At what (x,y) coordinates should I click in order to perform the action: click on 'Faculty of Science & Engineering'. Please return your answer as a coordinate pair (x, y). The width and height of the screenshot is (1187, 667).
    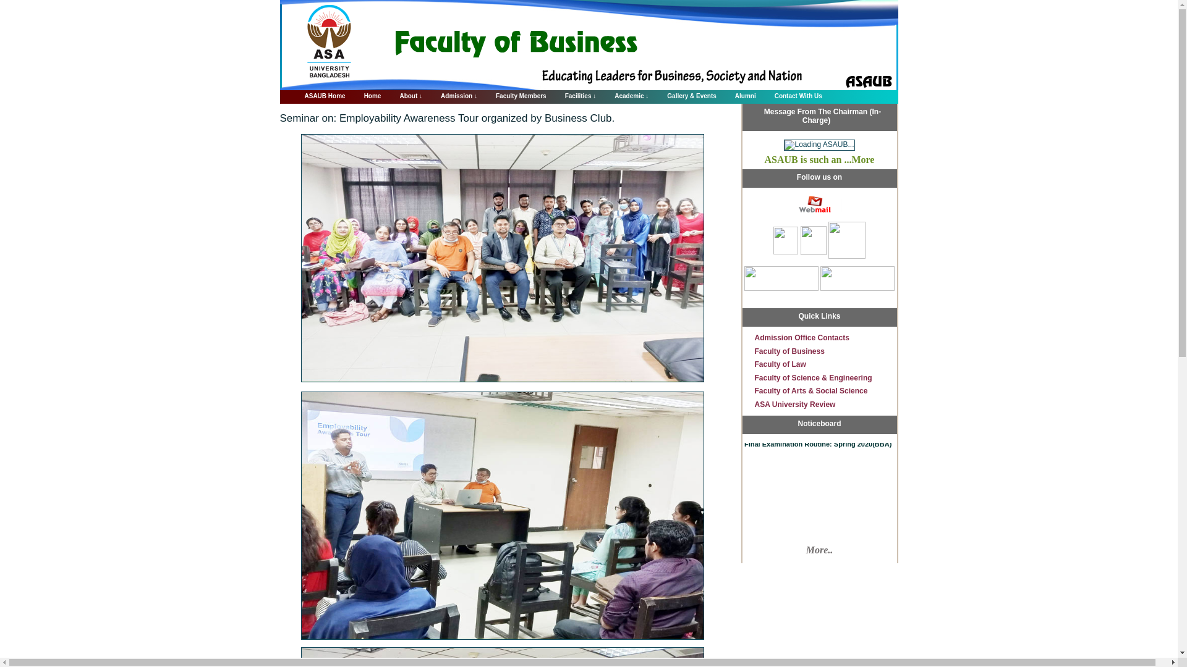
    Looking at the image, I should click on (753, 377).